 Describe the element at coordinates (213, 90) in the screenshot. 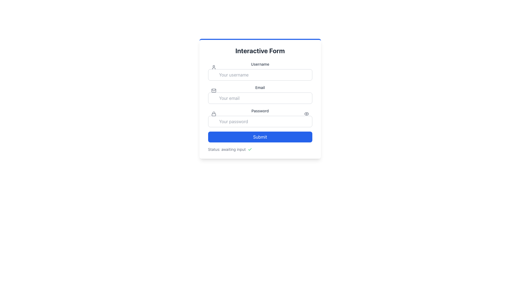

I see `the email icon located above the 'Your email' input field to indicate its purpose` at that location.